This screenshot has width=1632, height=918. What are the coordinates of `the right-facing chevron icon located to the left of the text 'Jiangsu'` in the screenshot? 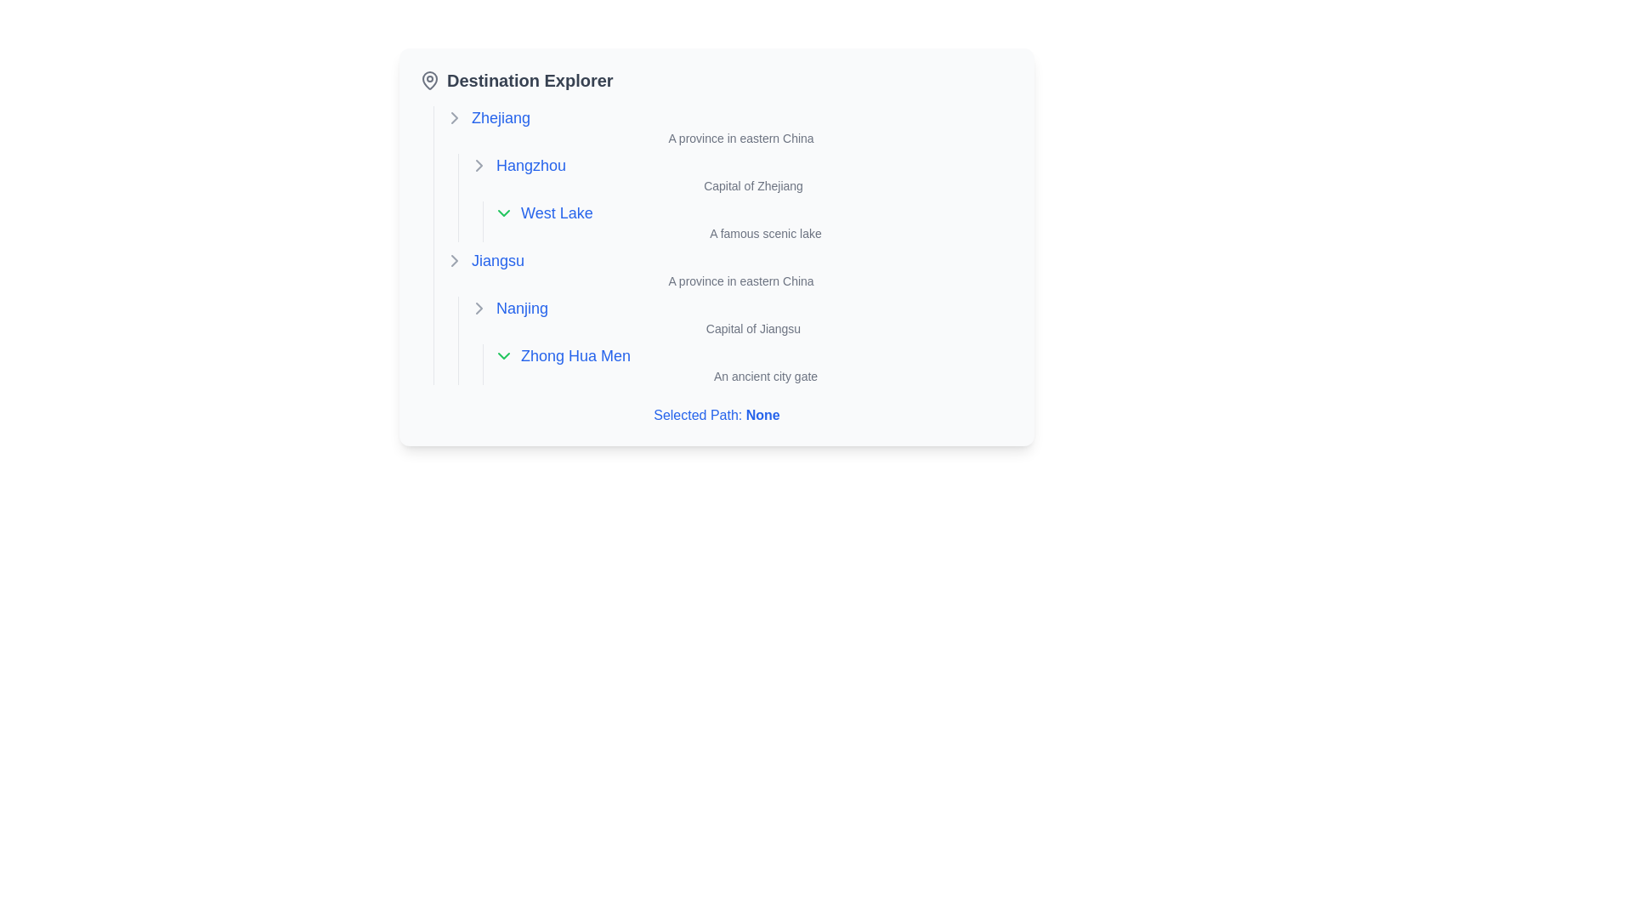 It's located at (454, 261).